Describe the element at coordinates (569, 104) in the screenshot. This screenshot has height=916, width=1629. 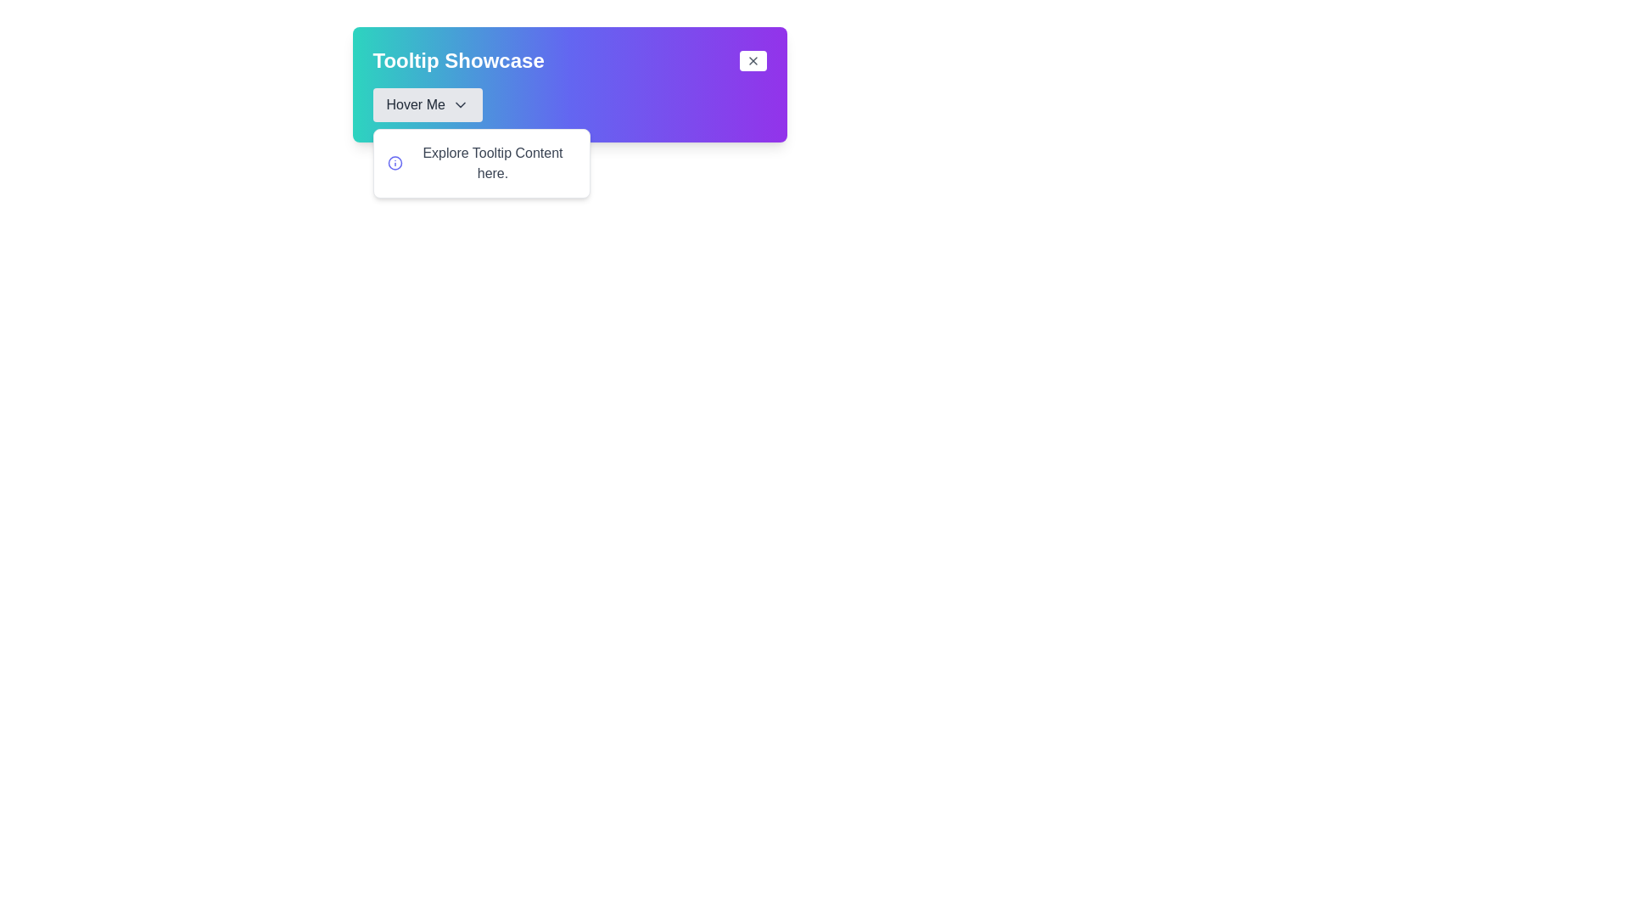
I see `the Interactive Button Group located centered horizontally within the card under the title 'Tooltip Showcase'` at that location.